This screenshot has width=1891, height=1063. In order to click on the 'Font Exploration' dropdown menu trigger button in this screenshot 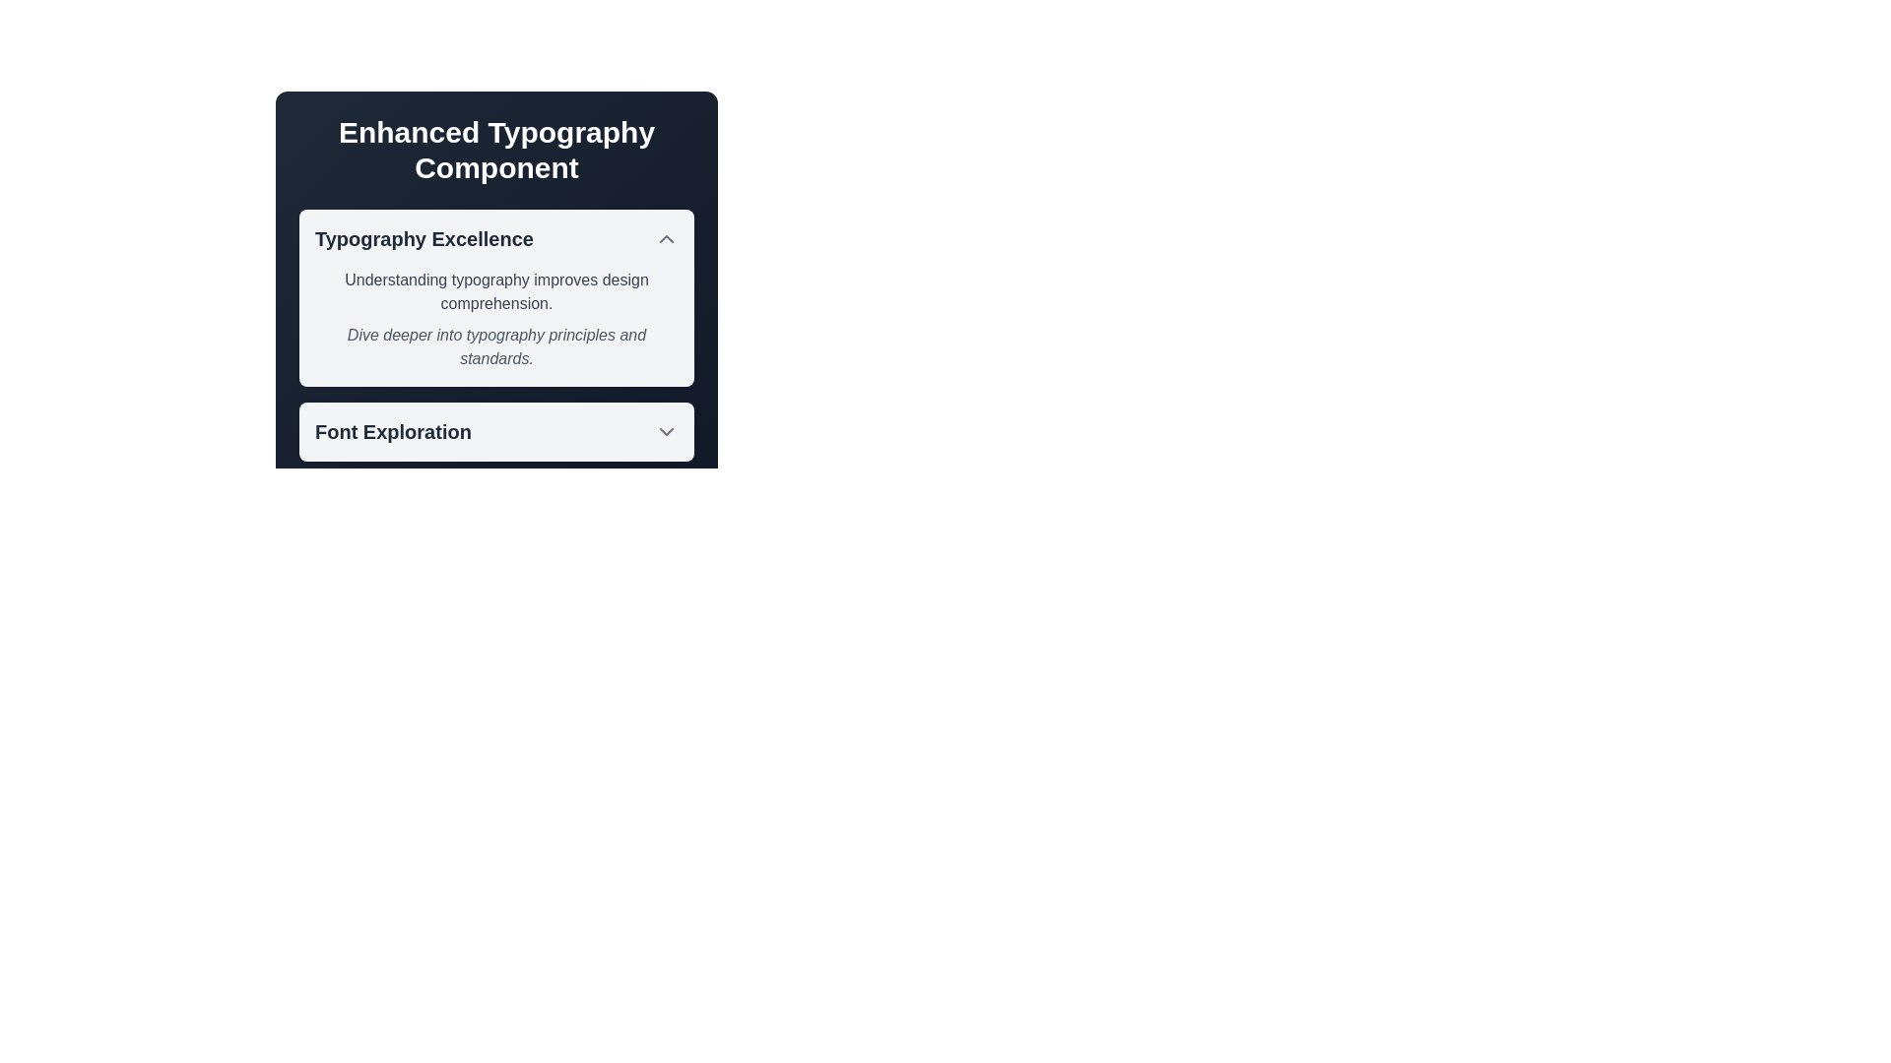, I will do `click(496, 431)`.